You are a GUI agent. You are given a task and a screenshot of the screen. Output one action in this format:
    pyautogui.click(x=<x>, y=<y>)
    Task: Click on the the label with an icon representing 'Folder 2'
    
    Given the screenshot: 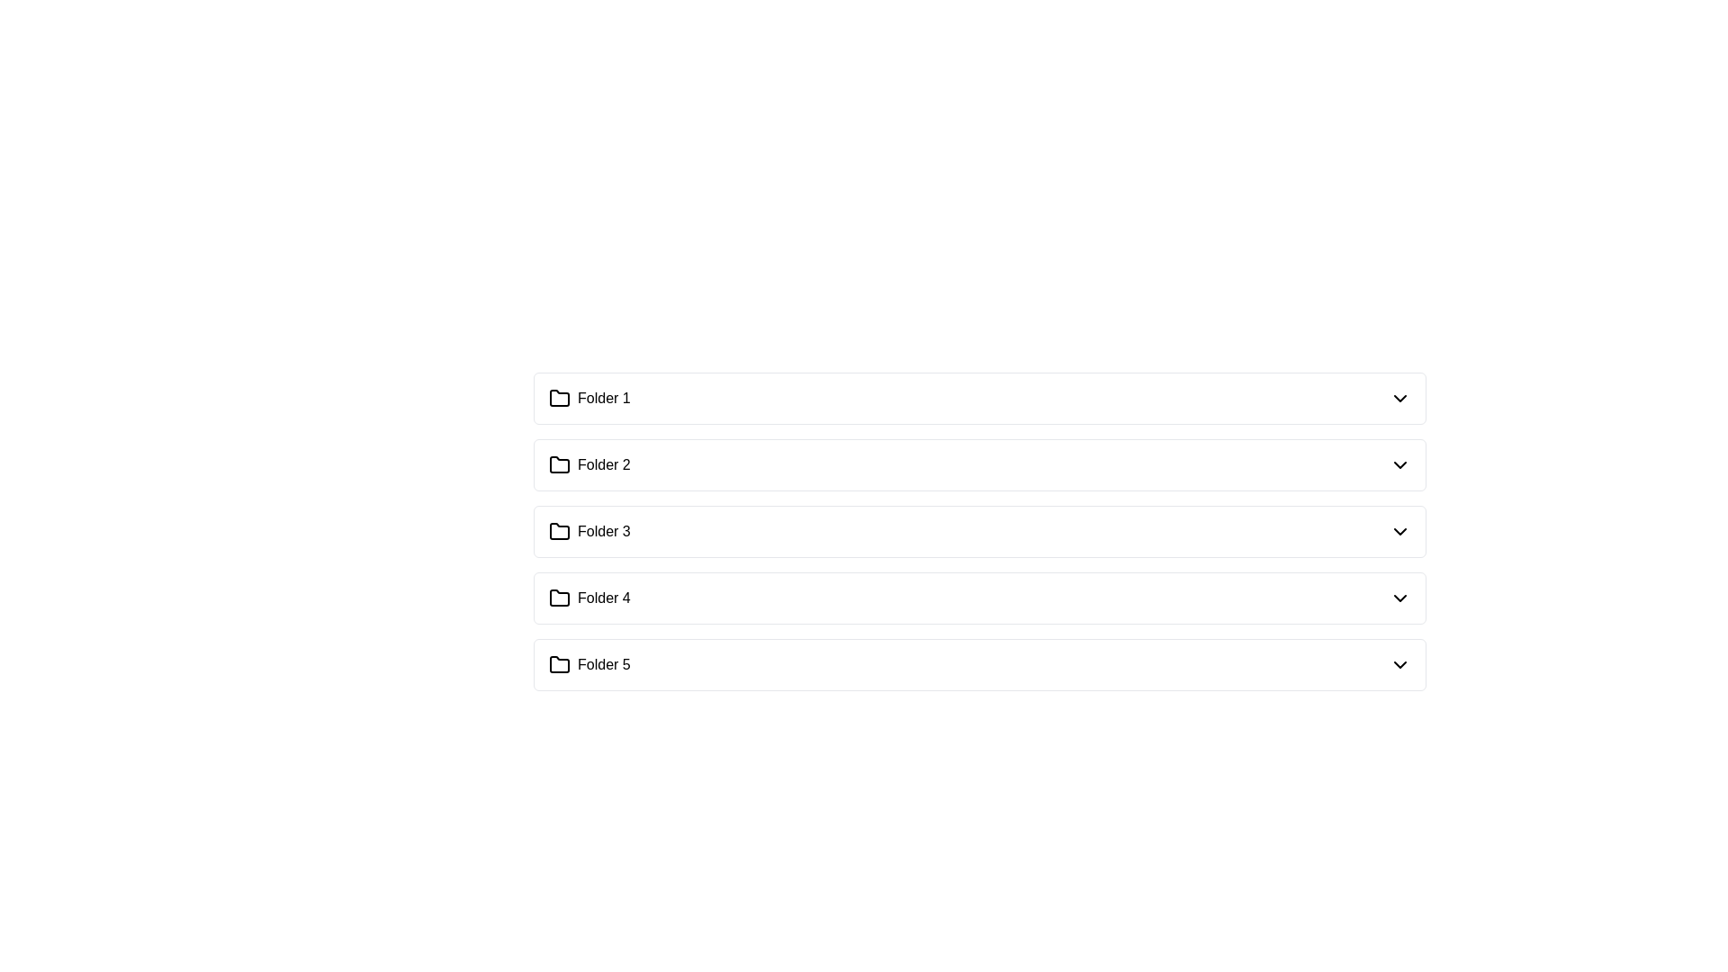 What is the action you would take?
    pyautogui.click(x=589, y=463)
    